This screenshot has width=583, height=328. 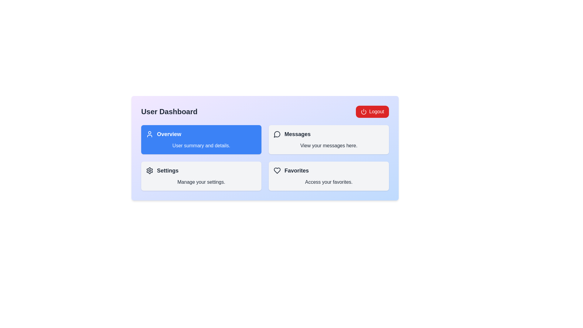 I want to click on the 'Settings' icon located to the left of the text 'Settings' in the user dashboard, so click(x=150, y=171).